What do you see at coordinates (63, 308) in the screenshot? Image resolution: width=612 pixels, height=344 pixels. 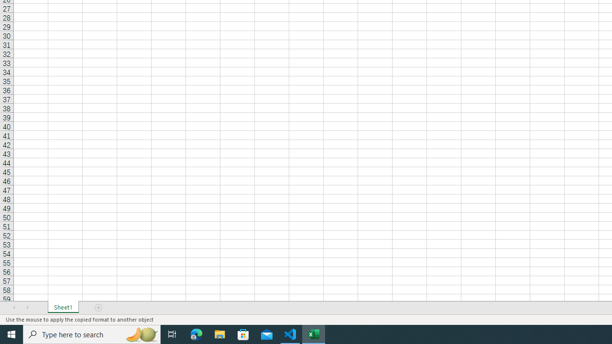 I see `'Sheet1'` at bounding box center [63, 308].